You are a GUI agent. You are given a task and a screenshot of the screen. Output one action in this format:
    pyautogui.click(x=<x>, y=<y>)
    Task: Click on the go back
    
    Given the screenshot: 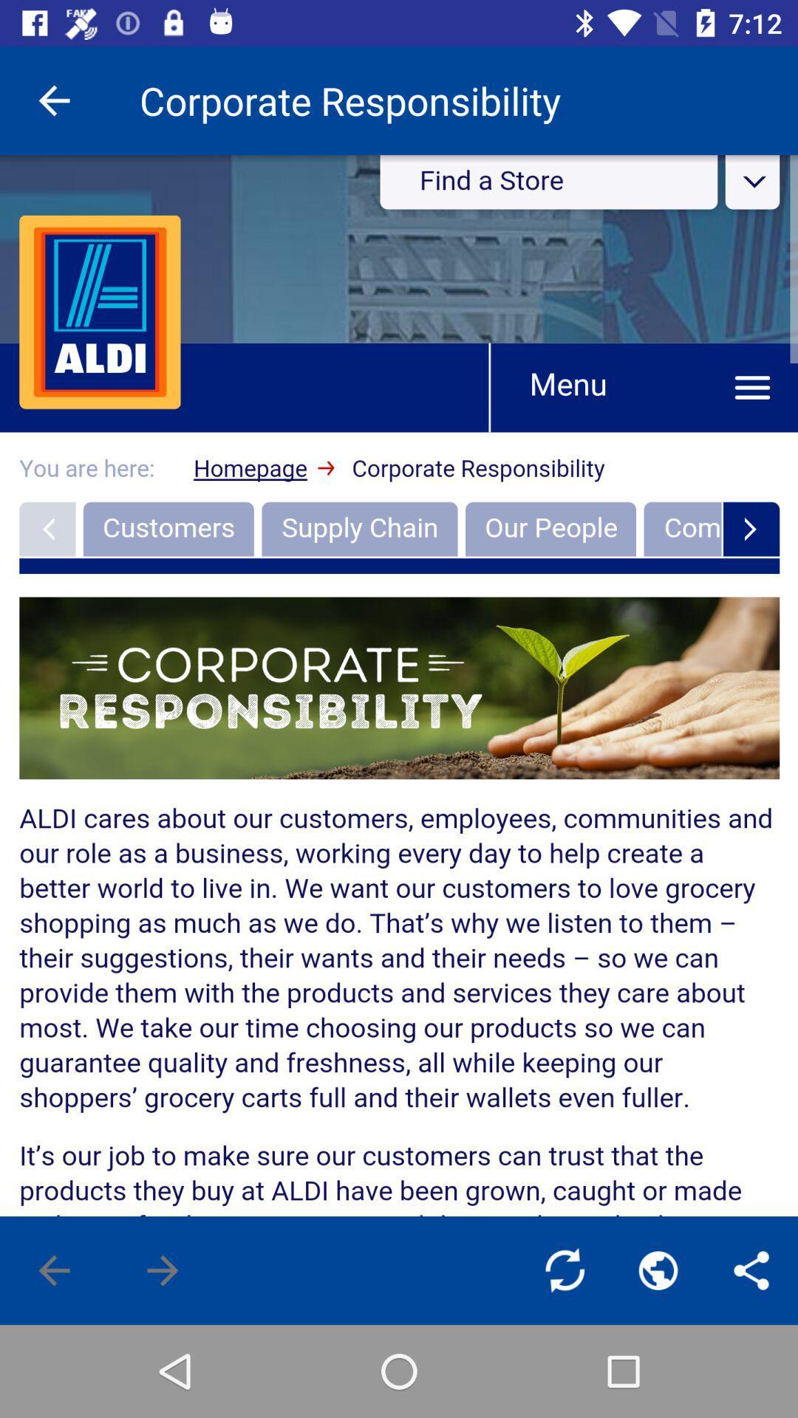 What is the action you would take?
    pyautogui.click(x=53, y=1270)
    